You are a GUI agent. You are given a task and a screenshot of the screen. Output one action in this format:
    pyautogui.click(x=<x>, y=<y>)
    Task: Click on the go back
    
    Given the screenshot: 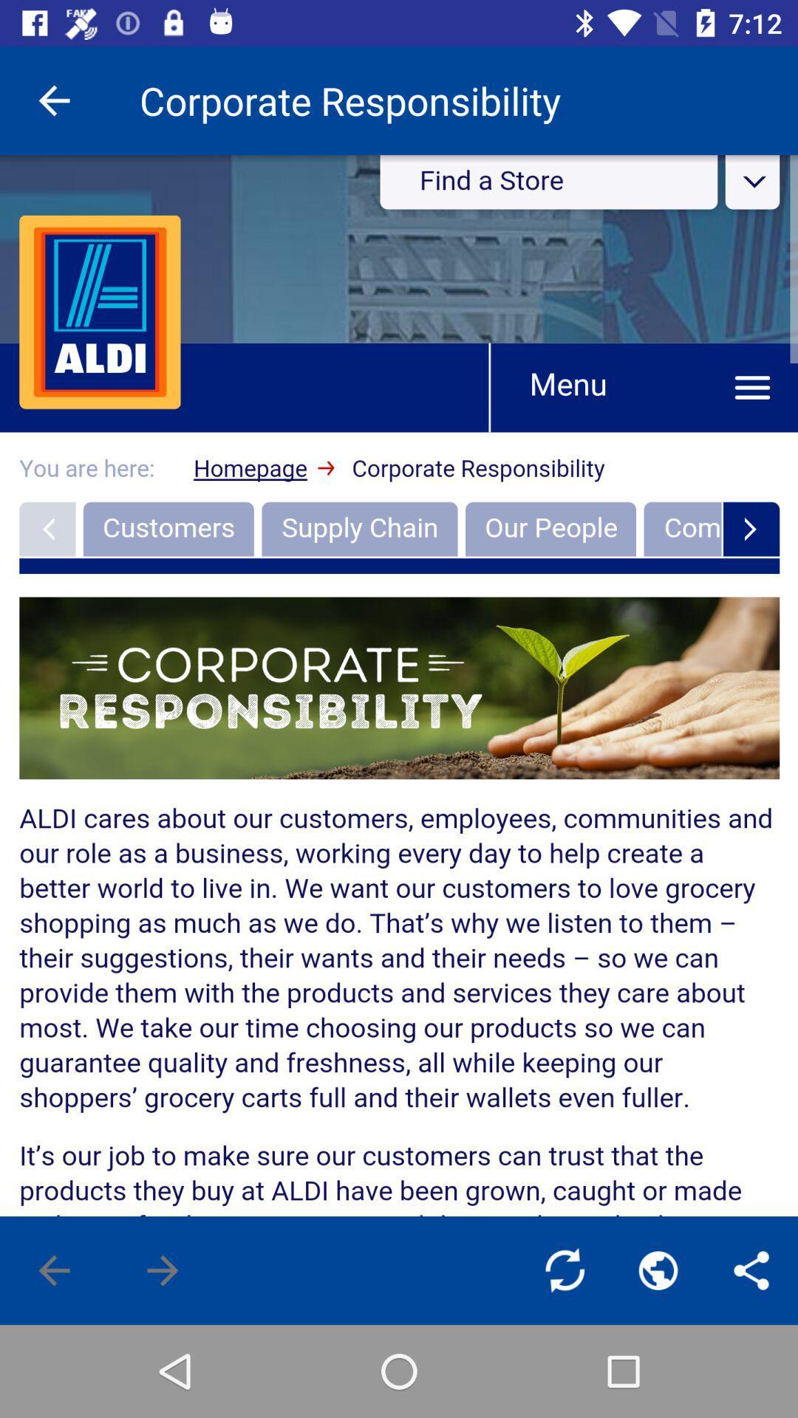 What is the action you would take?
    pyautogui.click(x=53, y=1270)
    